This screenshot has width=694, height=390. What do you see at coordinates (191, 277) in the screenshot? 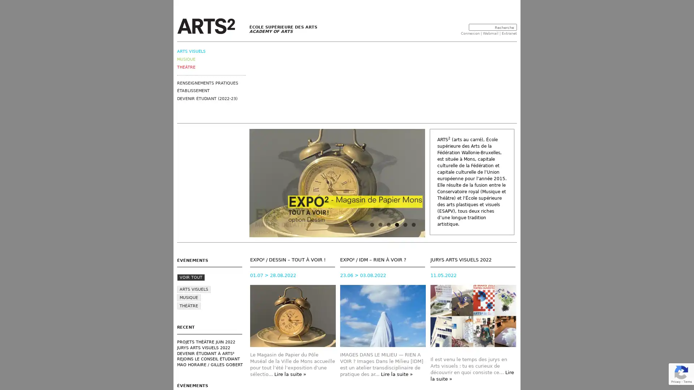
I see `VOIR TOUT` at bounding box center [191, 277].